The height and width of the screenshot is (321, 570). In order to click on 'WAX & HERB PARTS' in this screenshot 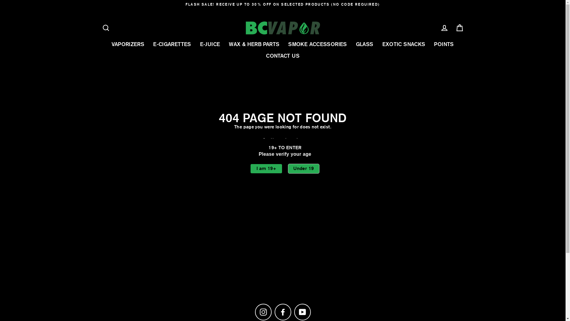, I will do `click(254, 44)`.